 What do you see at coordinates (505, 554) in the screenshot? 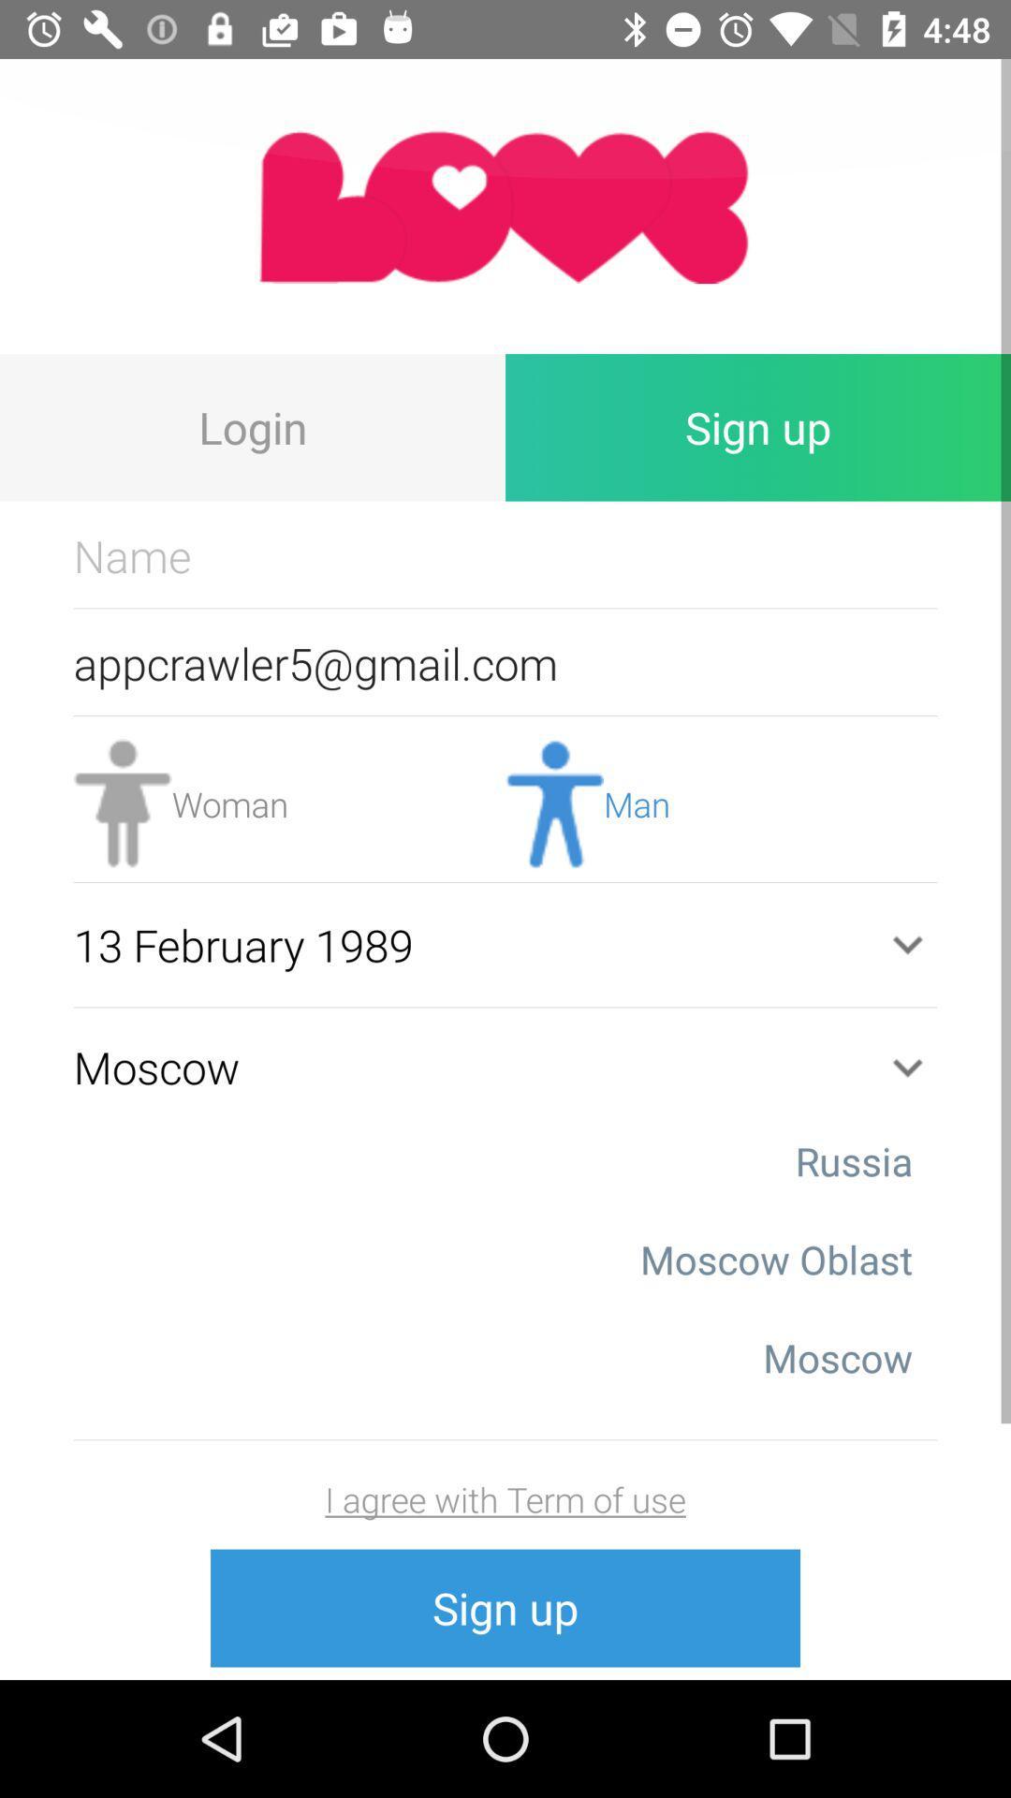
I see `name` at bounding box center [505, 554].